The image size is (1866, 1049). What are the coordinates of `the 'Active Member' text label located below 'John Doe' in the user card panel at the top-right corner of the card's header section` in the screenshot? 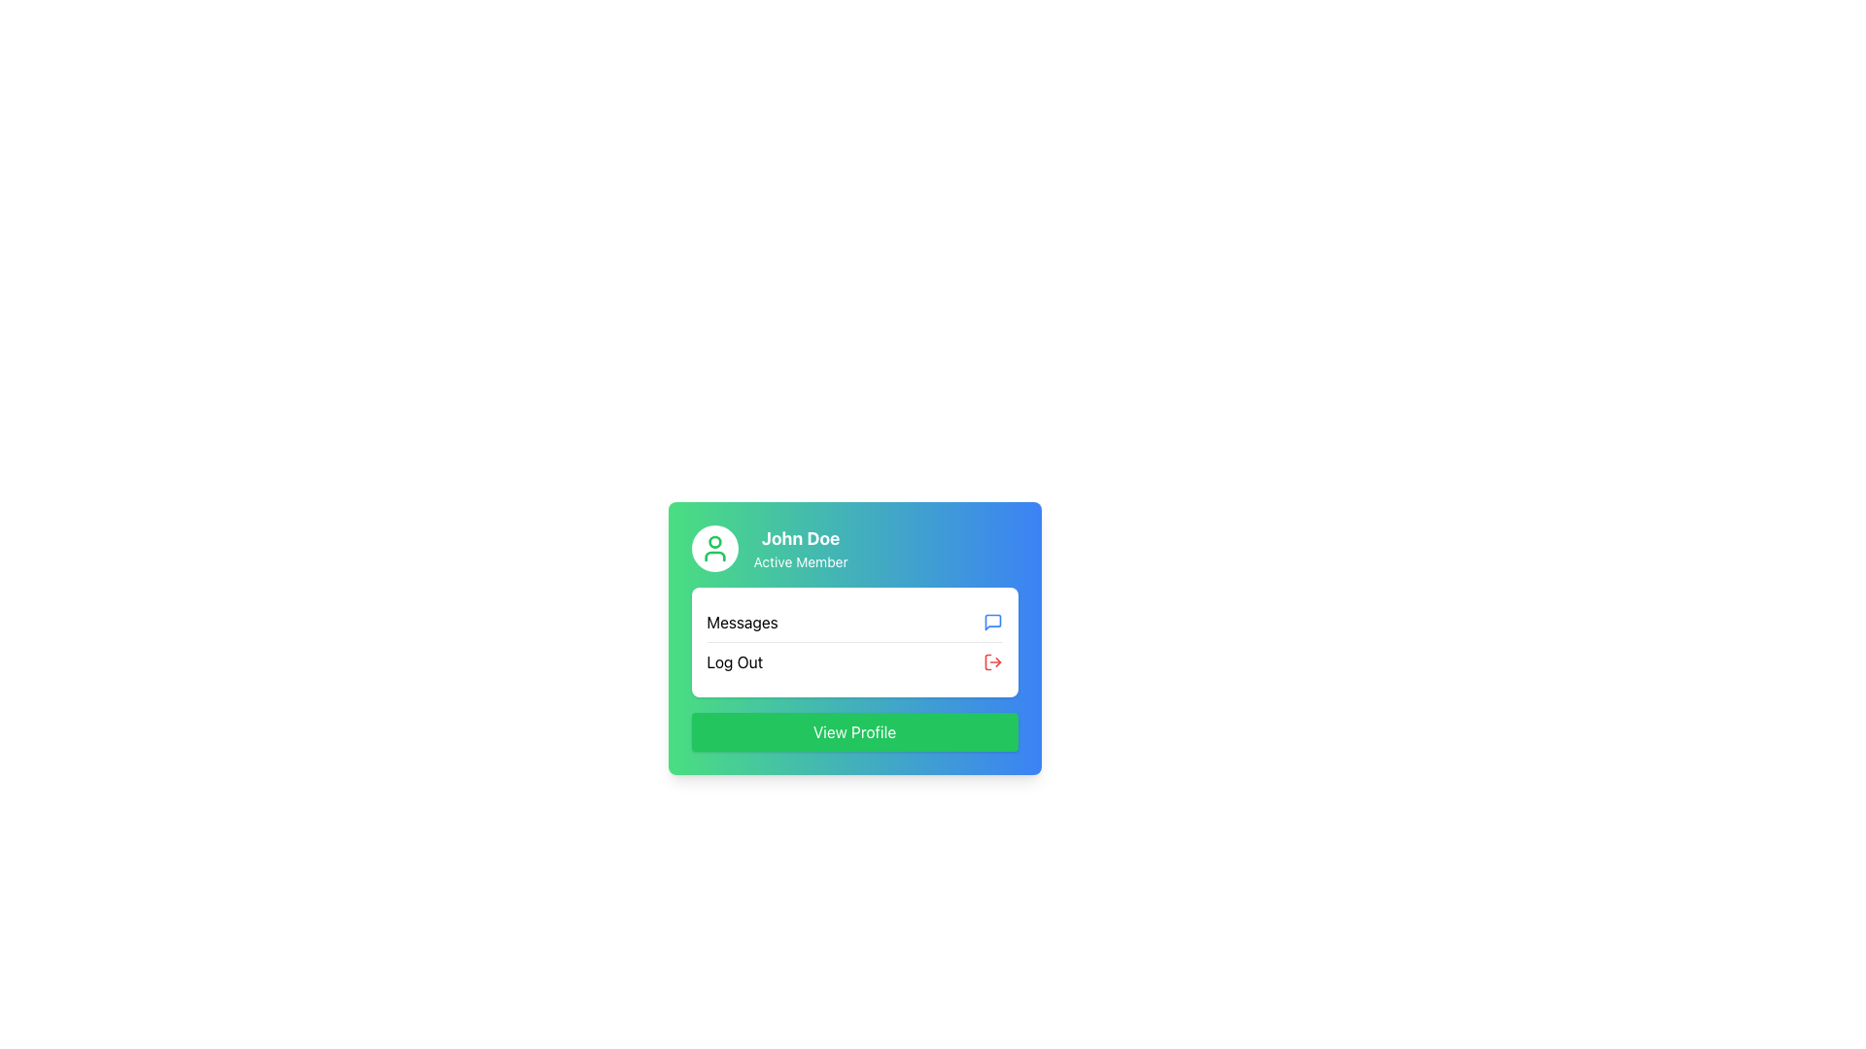 It's located at (801, 561).